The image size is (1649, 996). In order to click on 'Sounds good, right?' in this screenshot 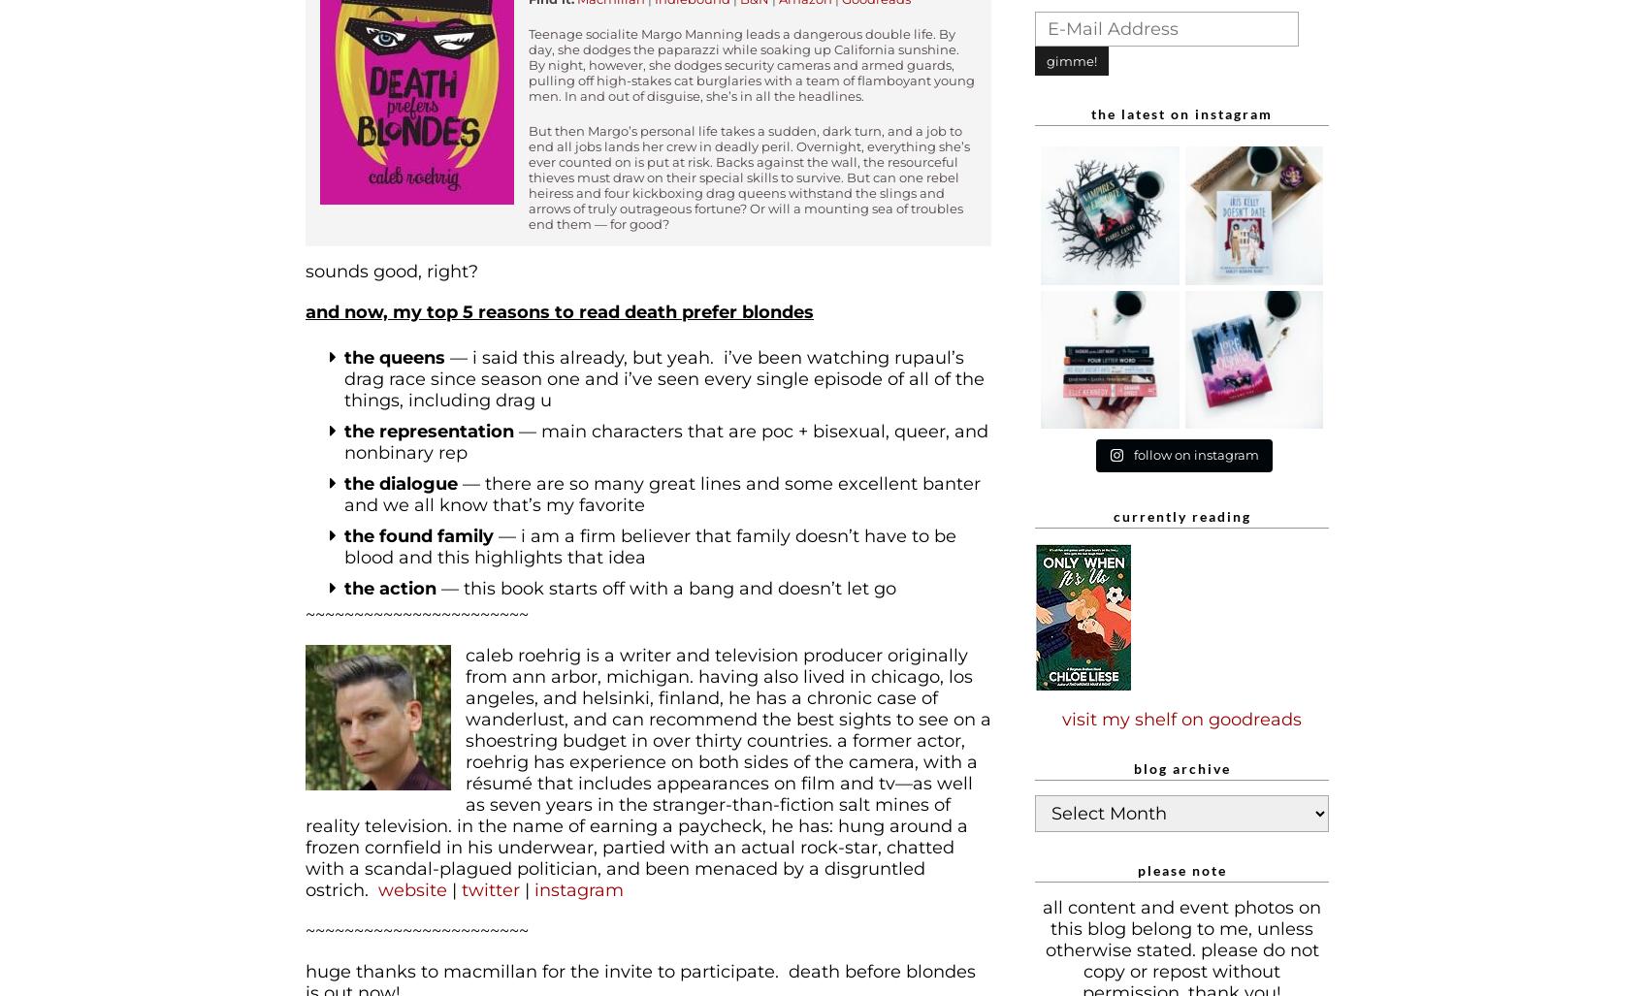, I will do `click(390, 271)`.